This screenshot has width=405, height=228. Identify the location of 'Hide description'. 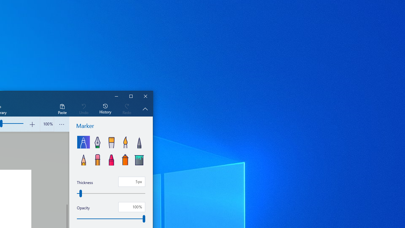
(145, 108).